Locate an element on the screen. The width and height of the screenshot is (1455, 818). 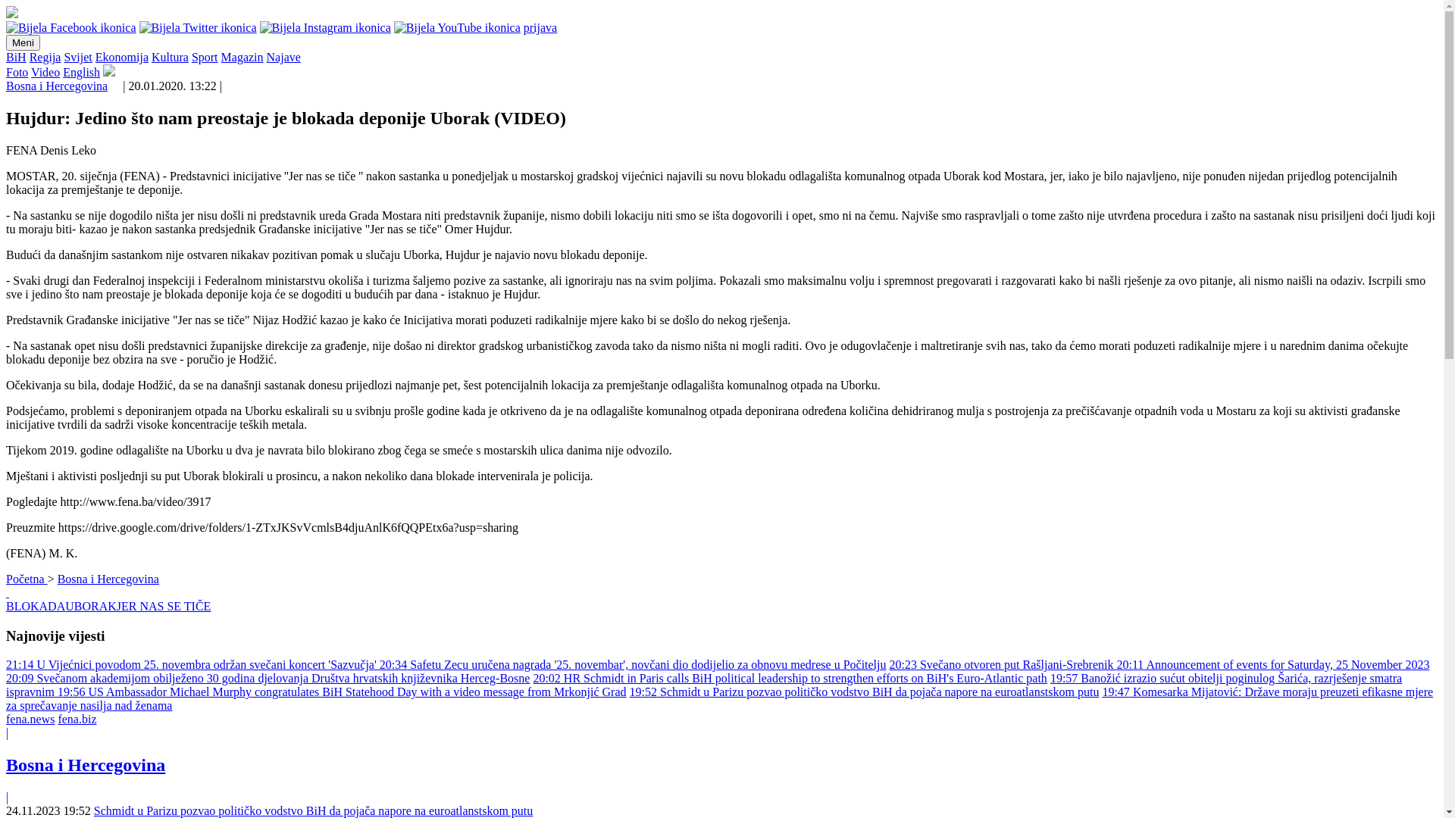
'Svijet' is located at coordinates (77, 56).